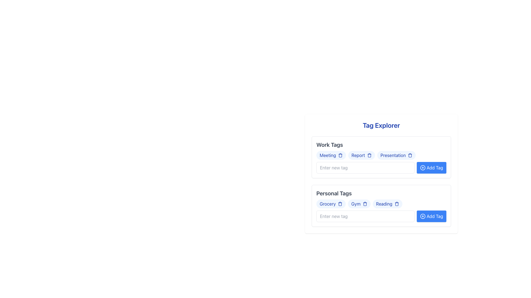  Describe the element at coordinates (331, 204) in the screenshot. I see `the delete icon on the 'Grocery' tag chip located in the 'Personal Tags' section` at that location.